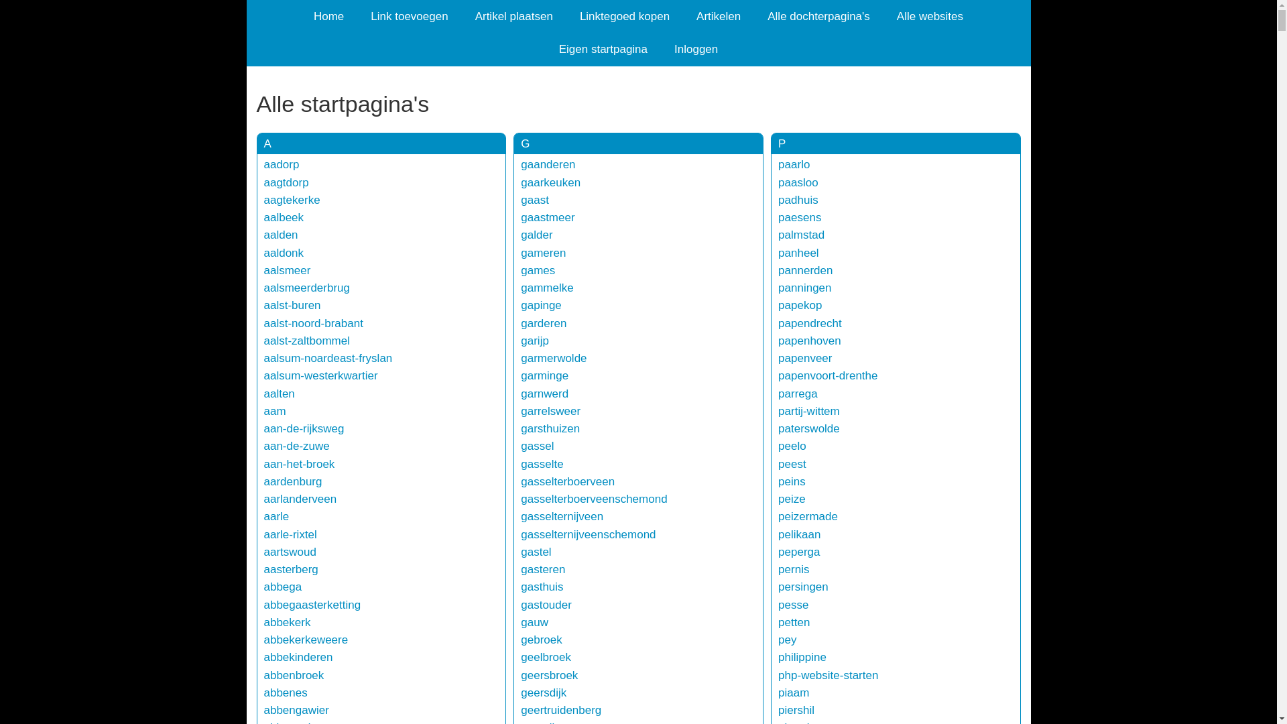  I want to click on 'paarlo', so click(778, 164).